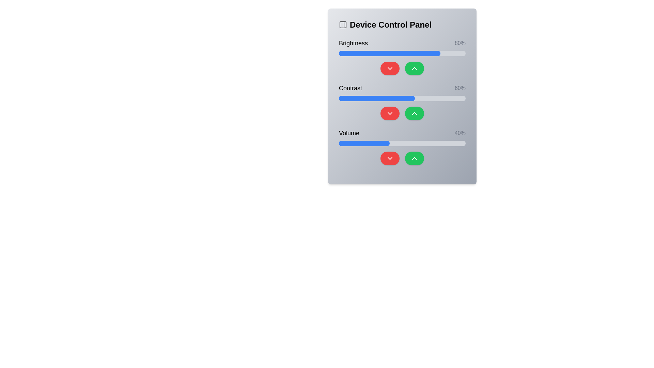  Describe the element at coordinates (422, 98) in the screenshot. I see `the contrast` at that location.